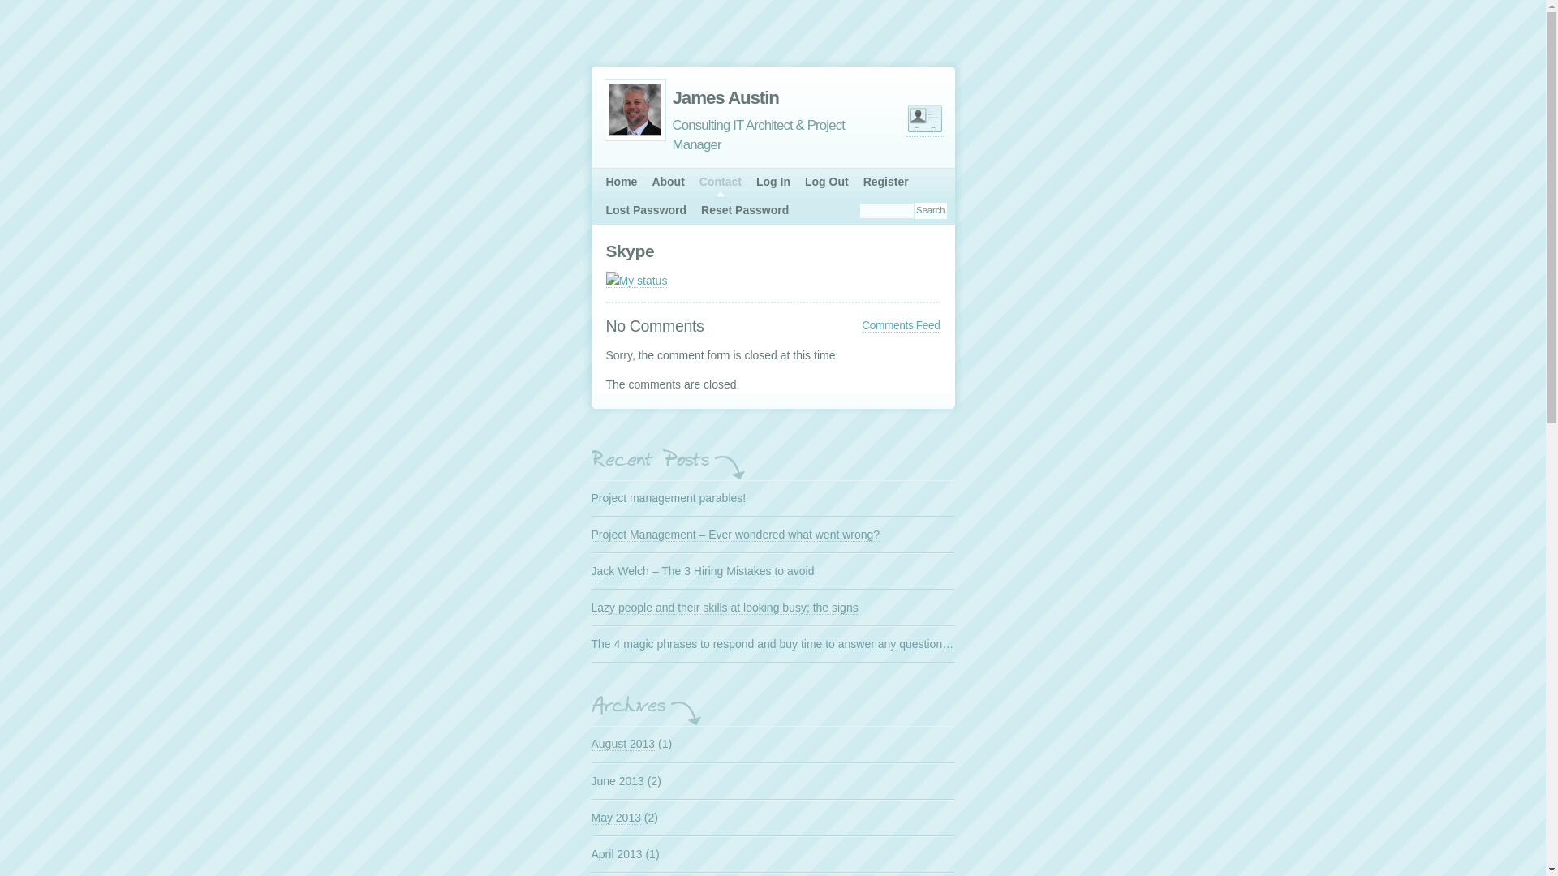 The height and width of the screenshot is (876, 1558). What do you see at coordinates (884, 182) in the screenshot?
I see `'Register'` at bounding box center [884, 182].